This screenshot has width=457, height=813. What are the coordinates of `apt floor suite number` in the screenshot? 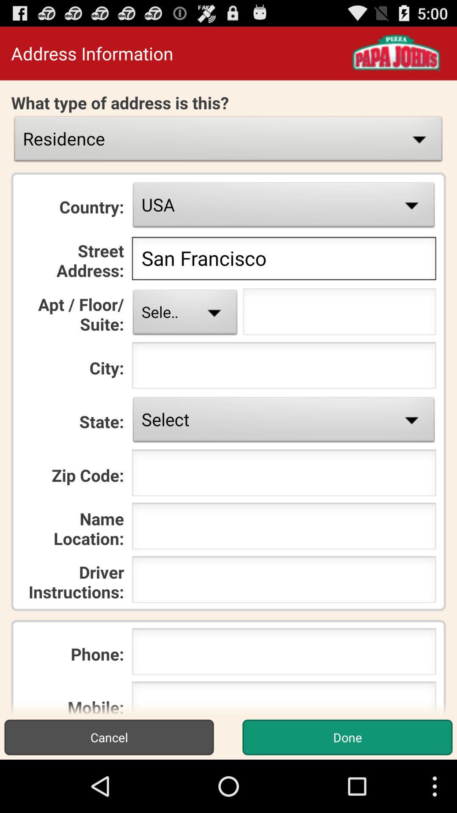 It's located at (339, 314).